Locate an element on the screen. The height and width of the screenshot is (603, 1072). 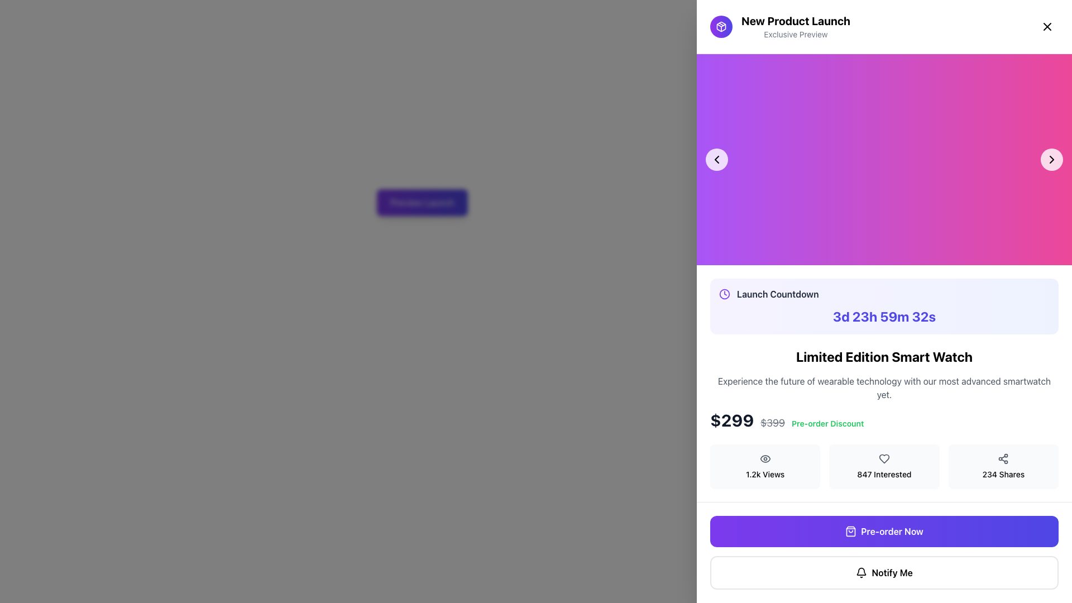
the close button styled as a circular icon with an 'X' symbol in the upper-right corner of the 'New Product Launch Exclusive Preview' header is located at coordinates (1047, 26).